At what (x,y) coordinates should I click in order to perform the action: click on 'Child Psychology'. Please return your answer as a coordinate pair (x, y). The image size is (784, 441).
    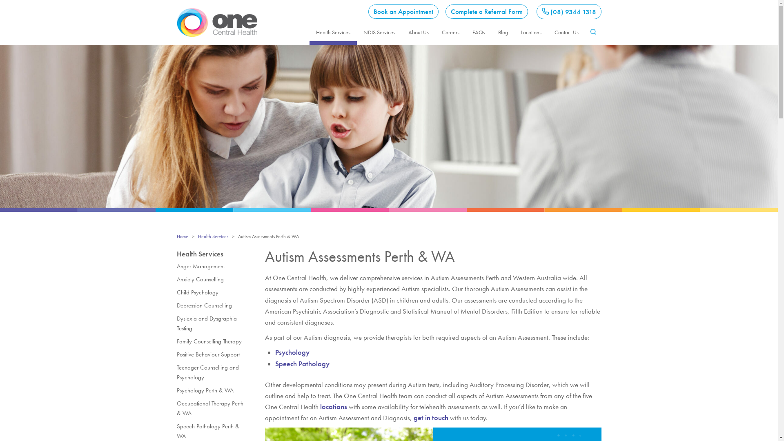
    Looking at the image, I should click on (212, 292).